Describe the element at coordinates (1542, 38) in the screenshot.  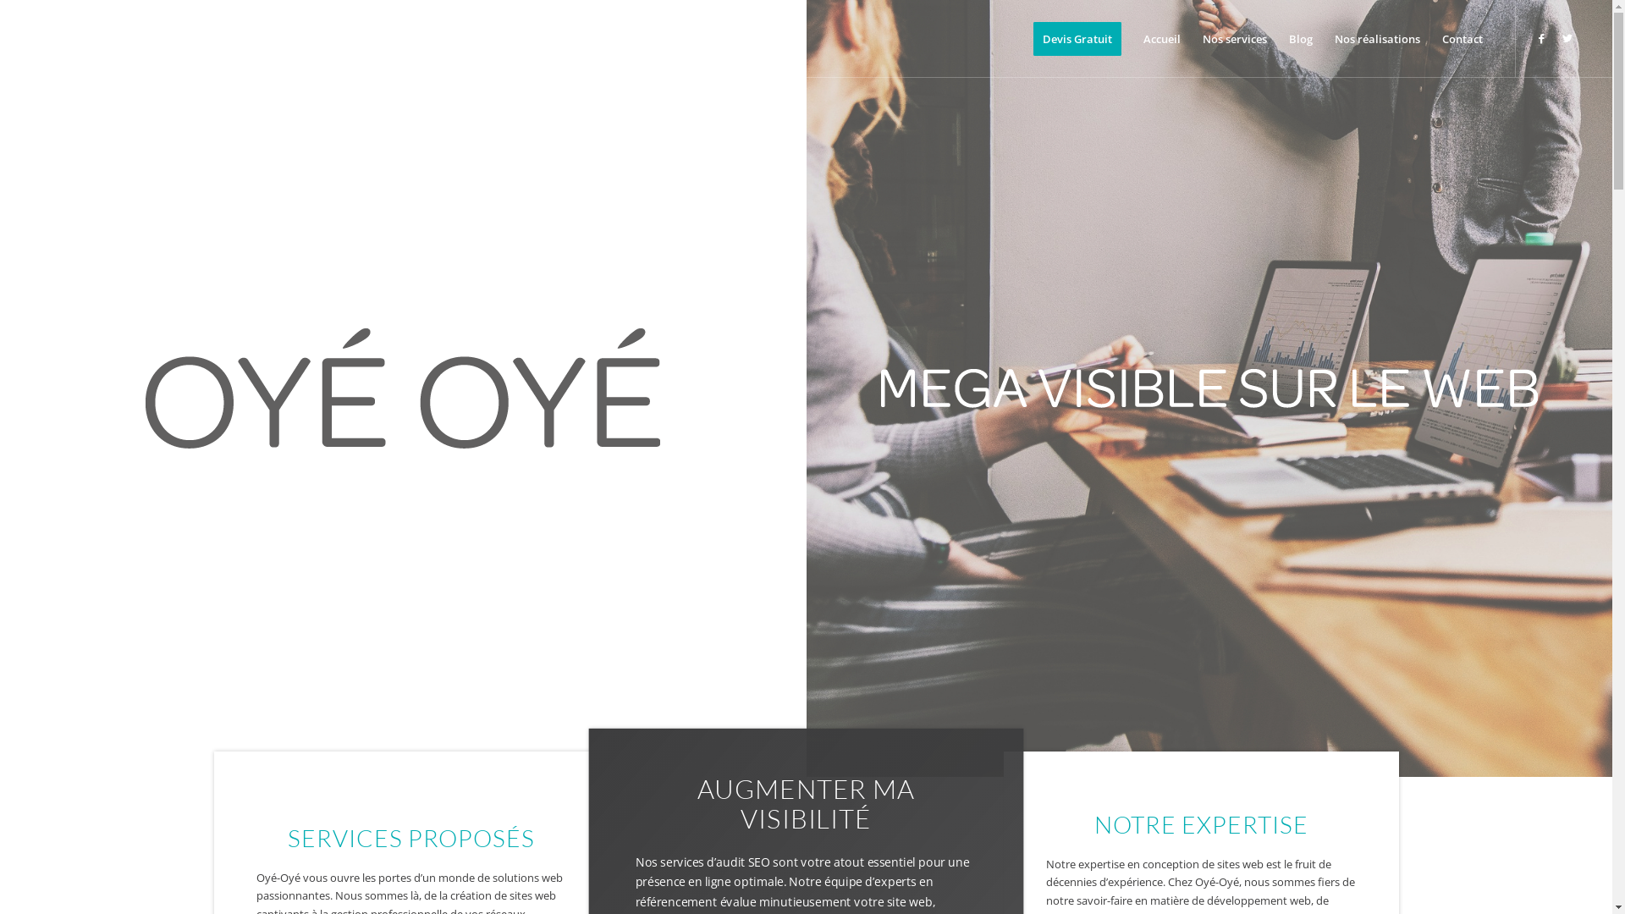
I see `'Facebook'` at that location.